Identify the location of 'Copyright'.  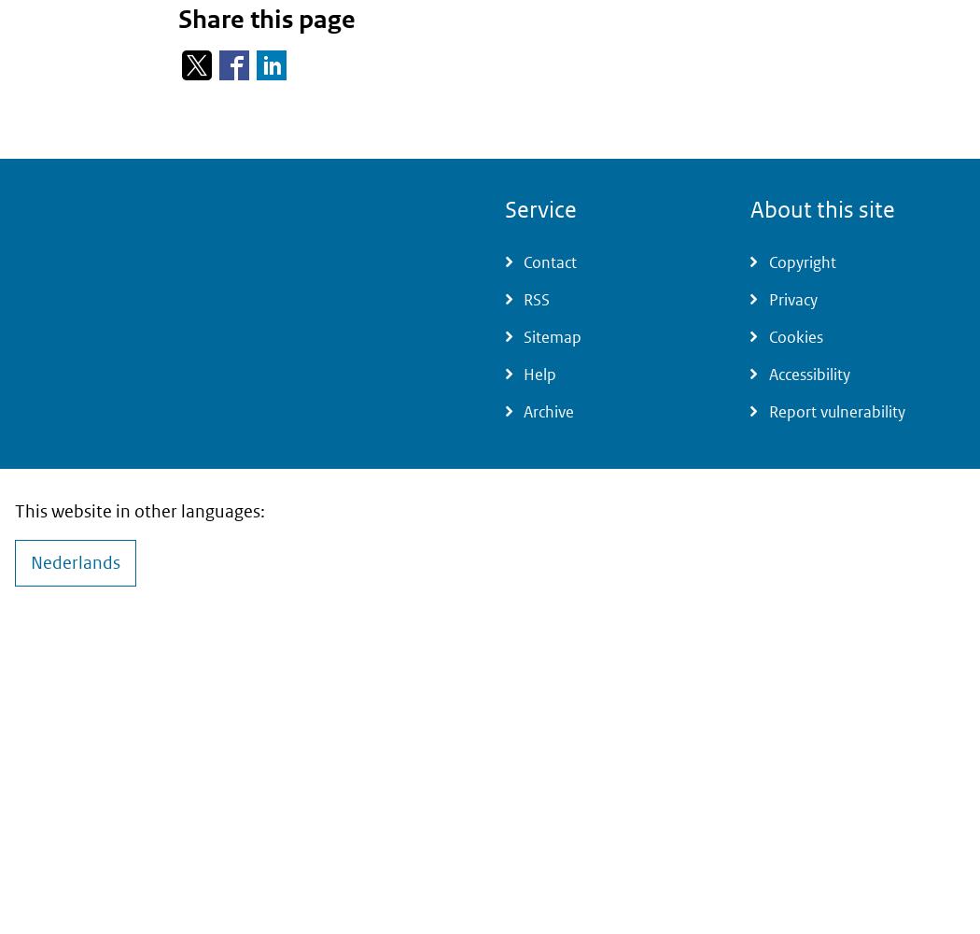
(766, 262).